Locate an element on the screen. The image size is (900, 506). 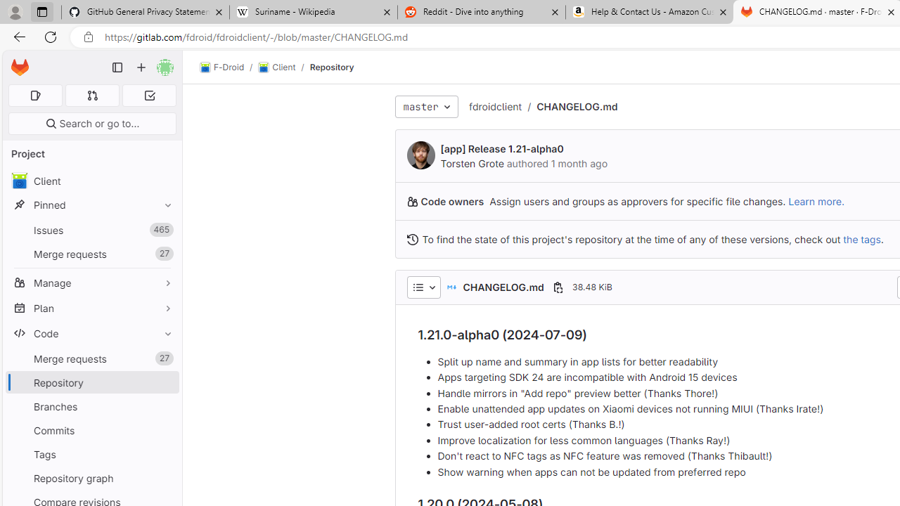
'Copy file path' is located at coordinates (557, 286).